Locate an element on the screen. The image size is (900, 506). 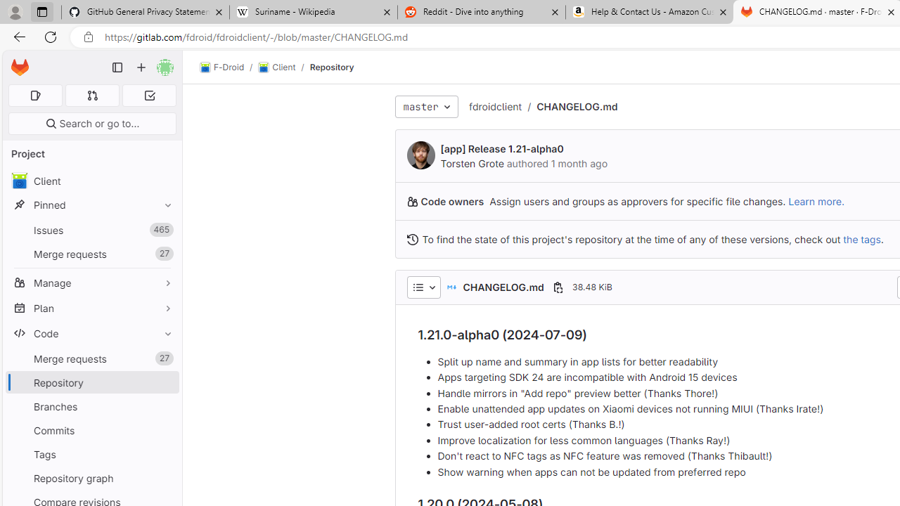
'Copy file path' is located at coordinates (557, 286).